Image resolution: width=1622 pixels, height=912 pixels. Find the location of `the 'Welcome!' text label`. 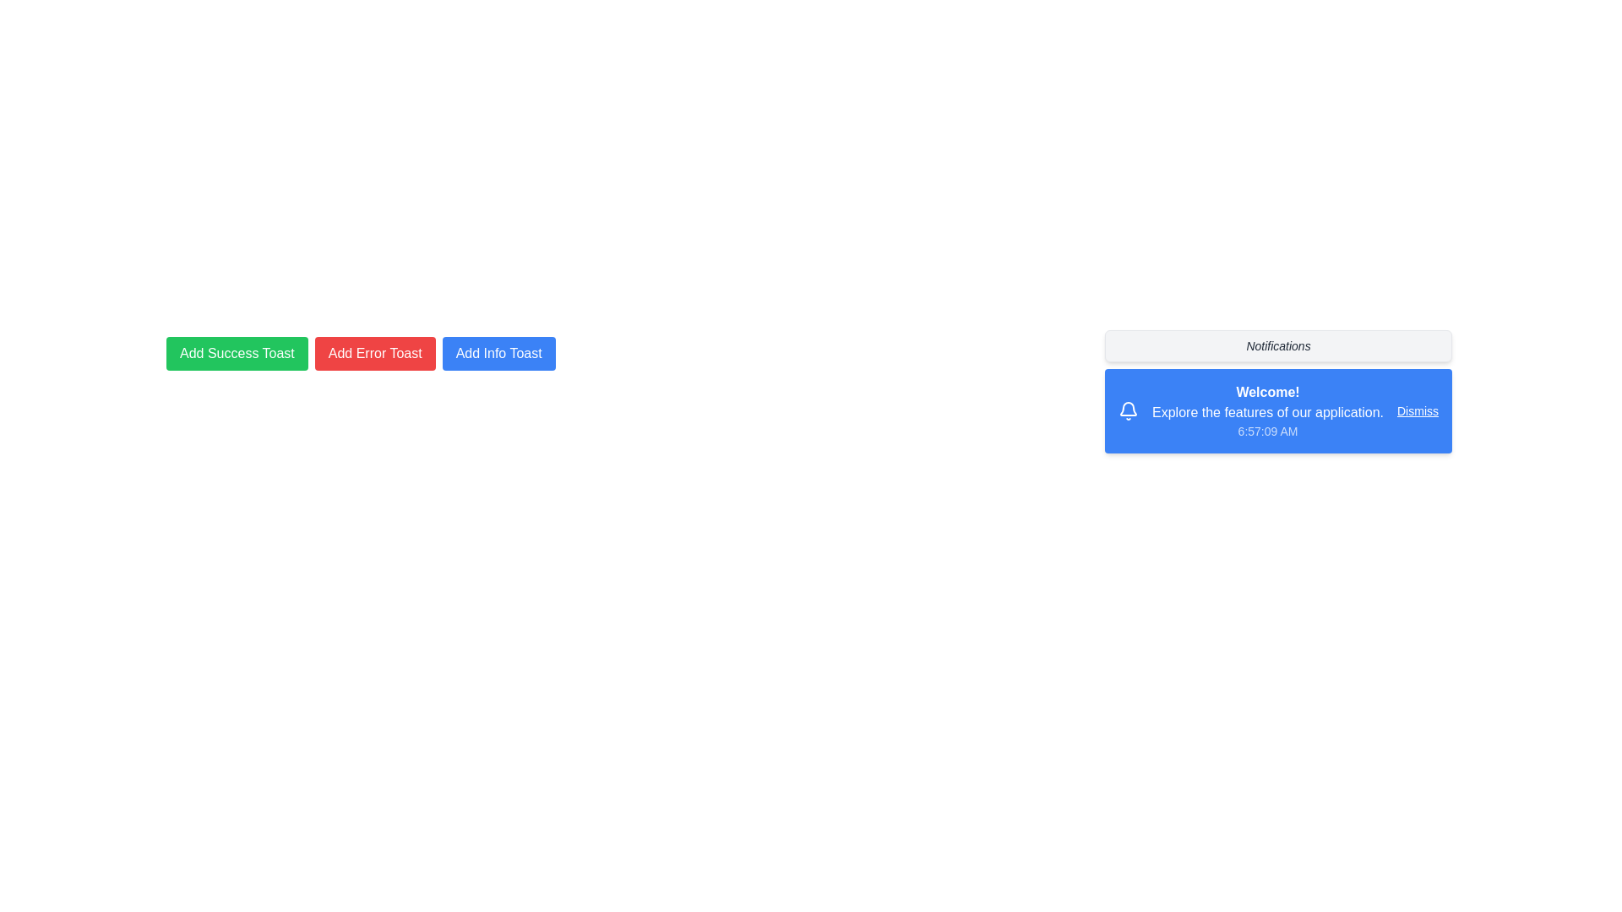

the 'Welcome!' text label is located at coordinates (1268, 392).